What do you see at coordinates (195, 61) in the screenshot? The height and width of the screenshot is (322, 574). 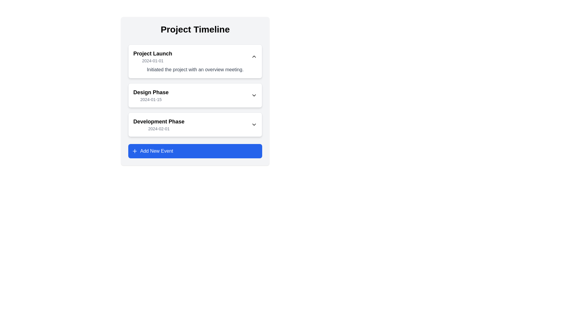 I see `the first informational card in the vertical list of phases titled 'Project Timeline', which includes details about the project phase such as title, start date, and a brief description` at bounding box center [195, 61].